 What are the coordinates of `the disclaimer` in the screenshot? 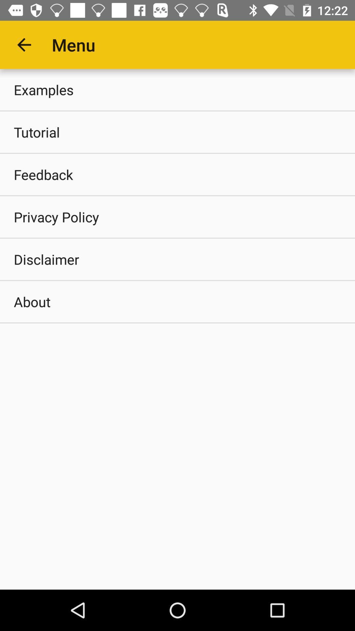 It's located at (177, 259).